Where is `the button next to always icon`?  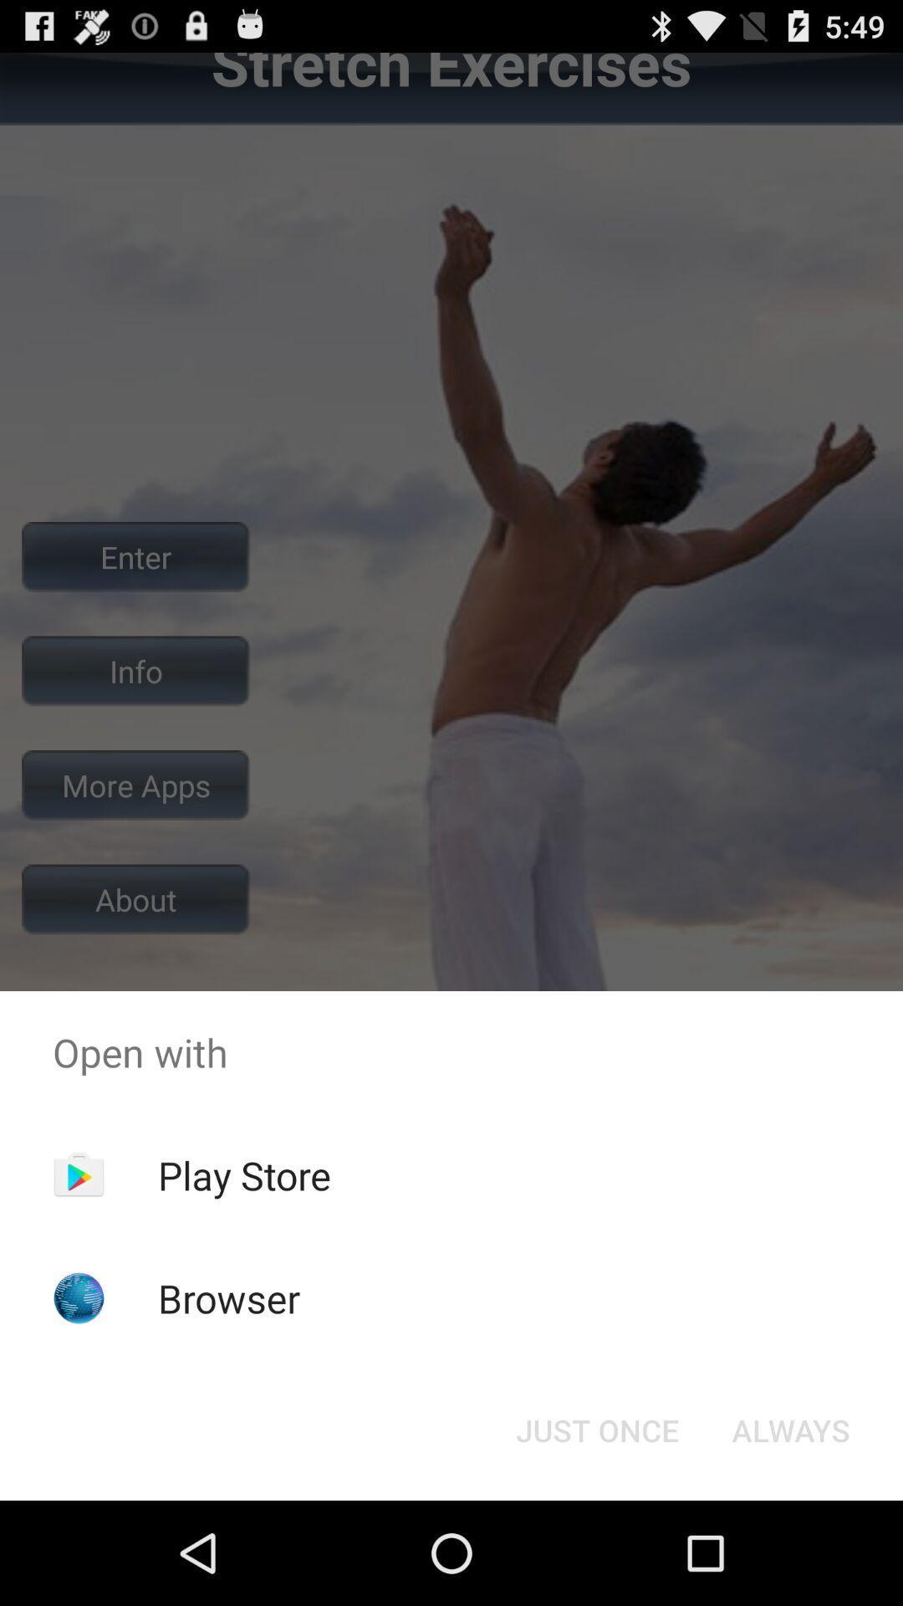 the button next to always icon is located at coordinates (596, 1429).